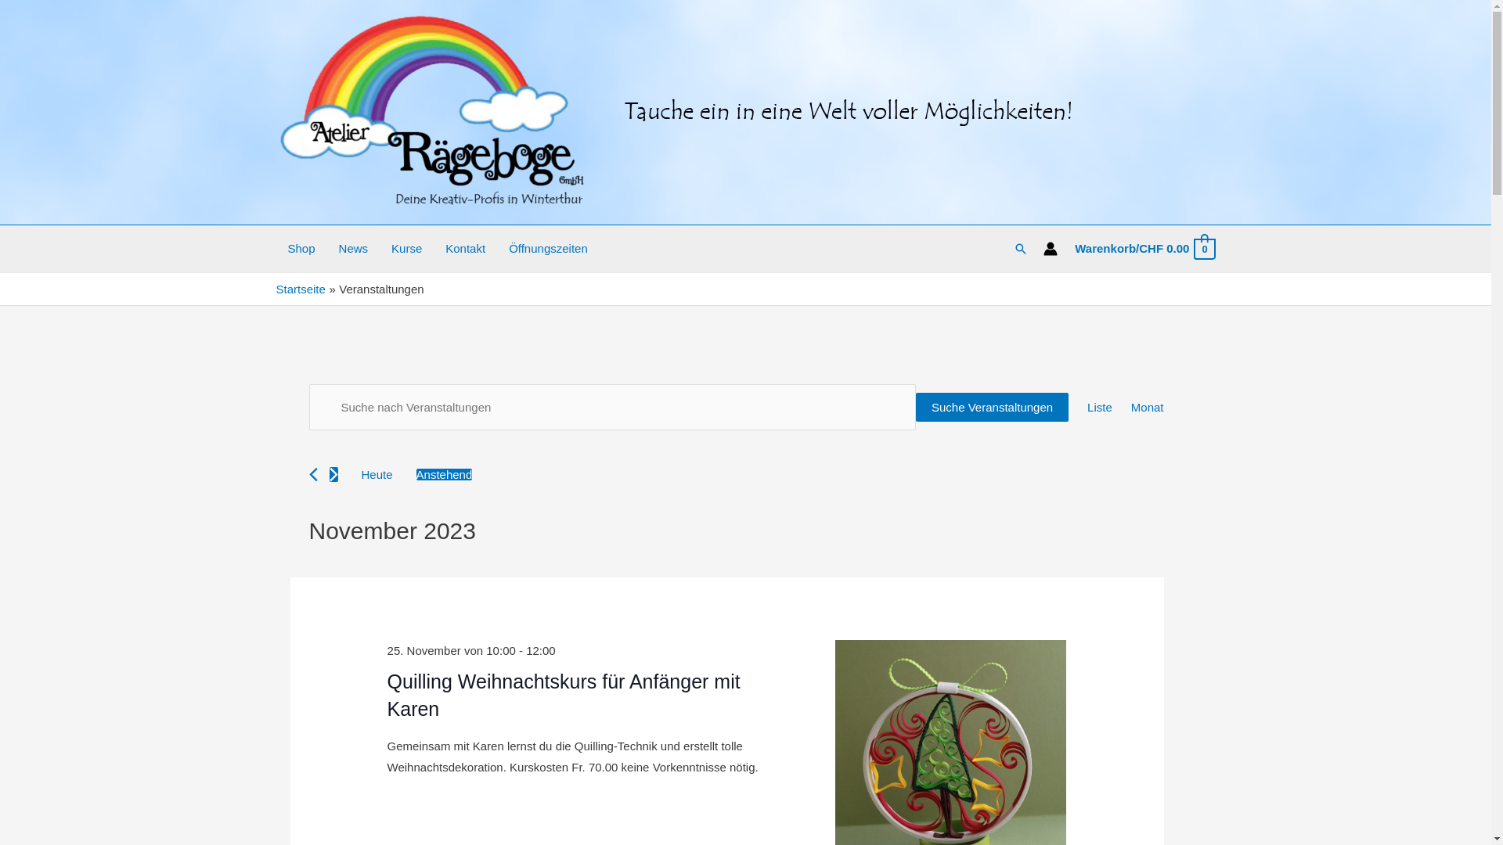 The image size is (1503, 845). Describe the element at coordinates (1147, 406) in the screenshot. I see `'Monat'` at that location.